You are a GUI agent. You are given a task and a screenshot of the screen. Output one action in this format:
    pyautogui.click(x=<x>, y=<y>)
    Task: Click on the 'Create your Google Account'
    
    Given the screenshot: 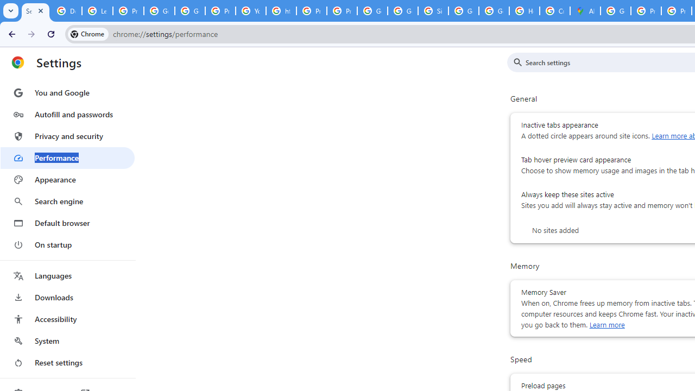 What is the action you would take?
    pyautogui.click(x=555, y=11)
    